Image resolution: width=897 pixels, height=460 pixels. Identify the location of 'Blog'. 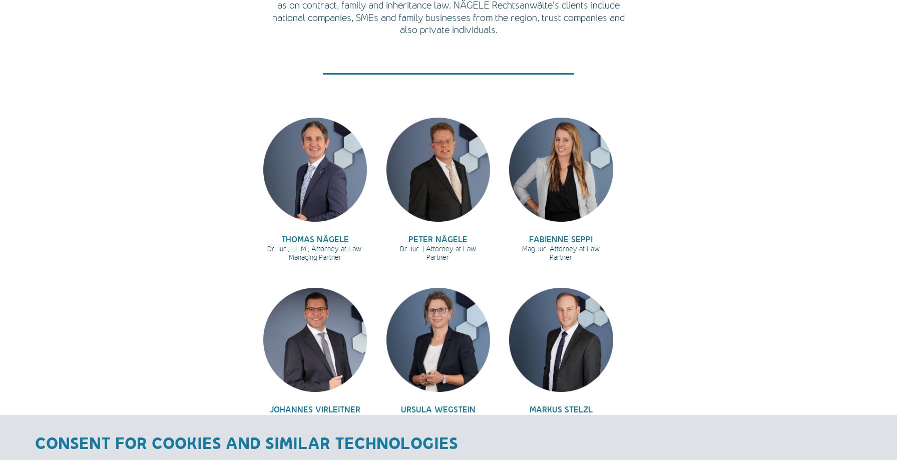
(878, 53).